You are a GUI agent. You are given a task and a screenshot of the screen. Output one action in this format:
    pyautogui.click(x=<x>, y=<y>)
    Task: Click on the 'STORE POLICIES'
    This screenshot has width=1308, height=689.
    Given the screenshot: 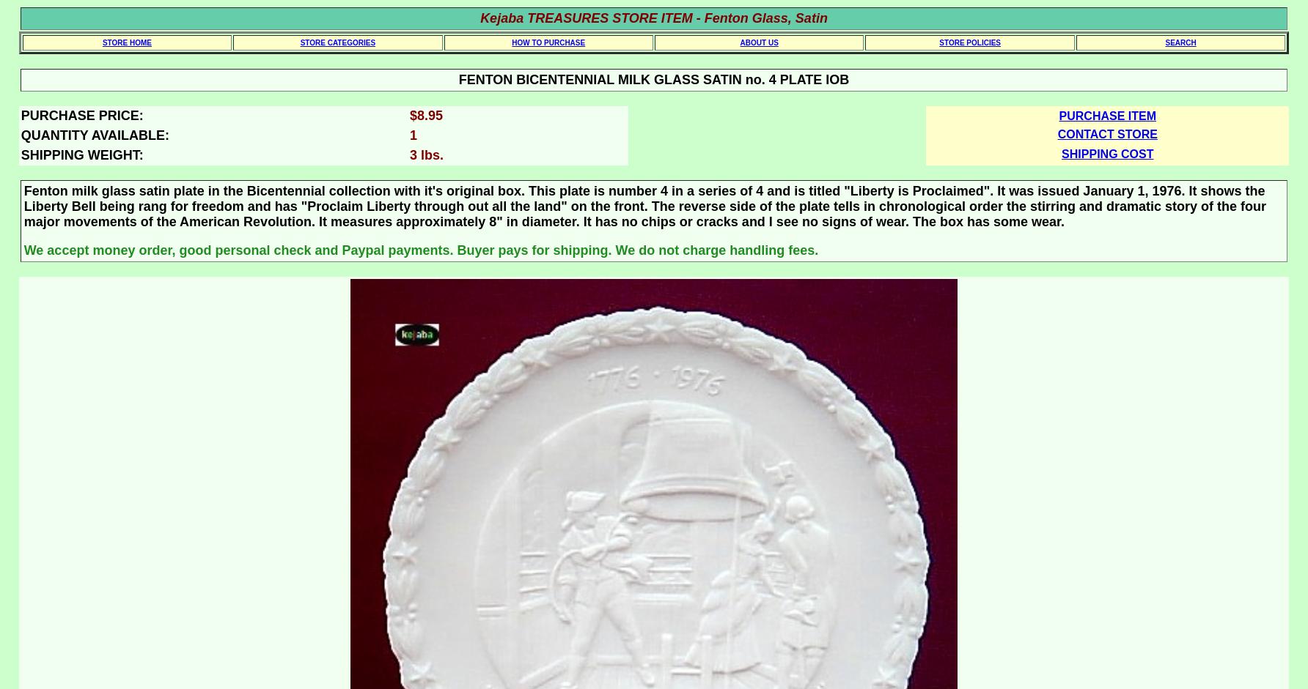 What is the action you would take?
    pyautogui.click(x=969, y=42)
    